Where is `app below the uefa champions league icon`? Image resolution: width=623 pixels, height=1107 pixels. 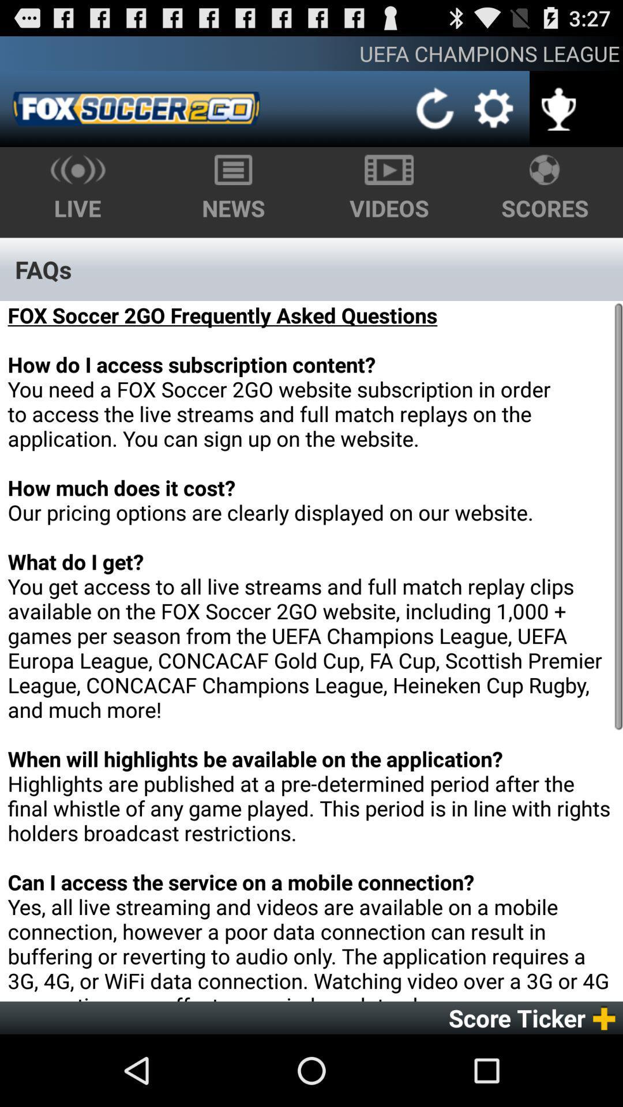
app below the uefa champions league icon is located at coordinates (493, 108).